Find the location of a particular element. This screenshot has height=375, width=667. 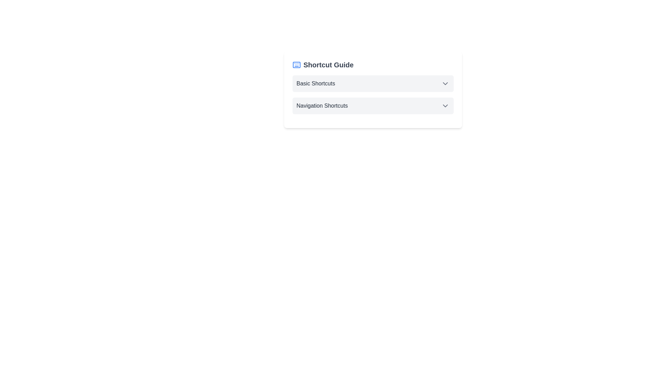

the vivid blue keyboard icon located to the left of the 'Shortcut Guide' text header is located at coordinates (296, 65).